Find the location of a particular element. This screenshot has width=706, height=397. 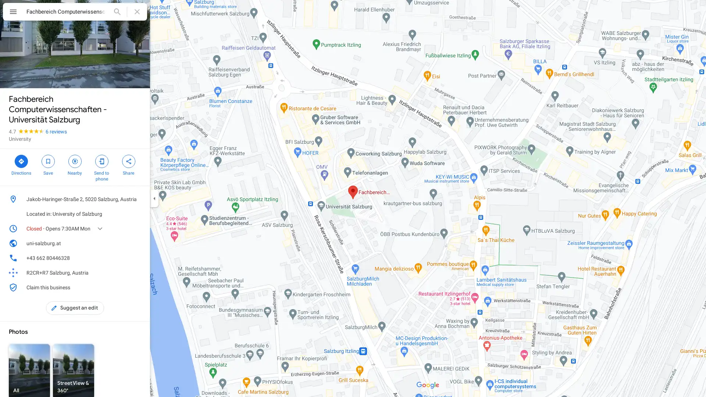

Search is located at coordinates (117, 11).